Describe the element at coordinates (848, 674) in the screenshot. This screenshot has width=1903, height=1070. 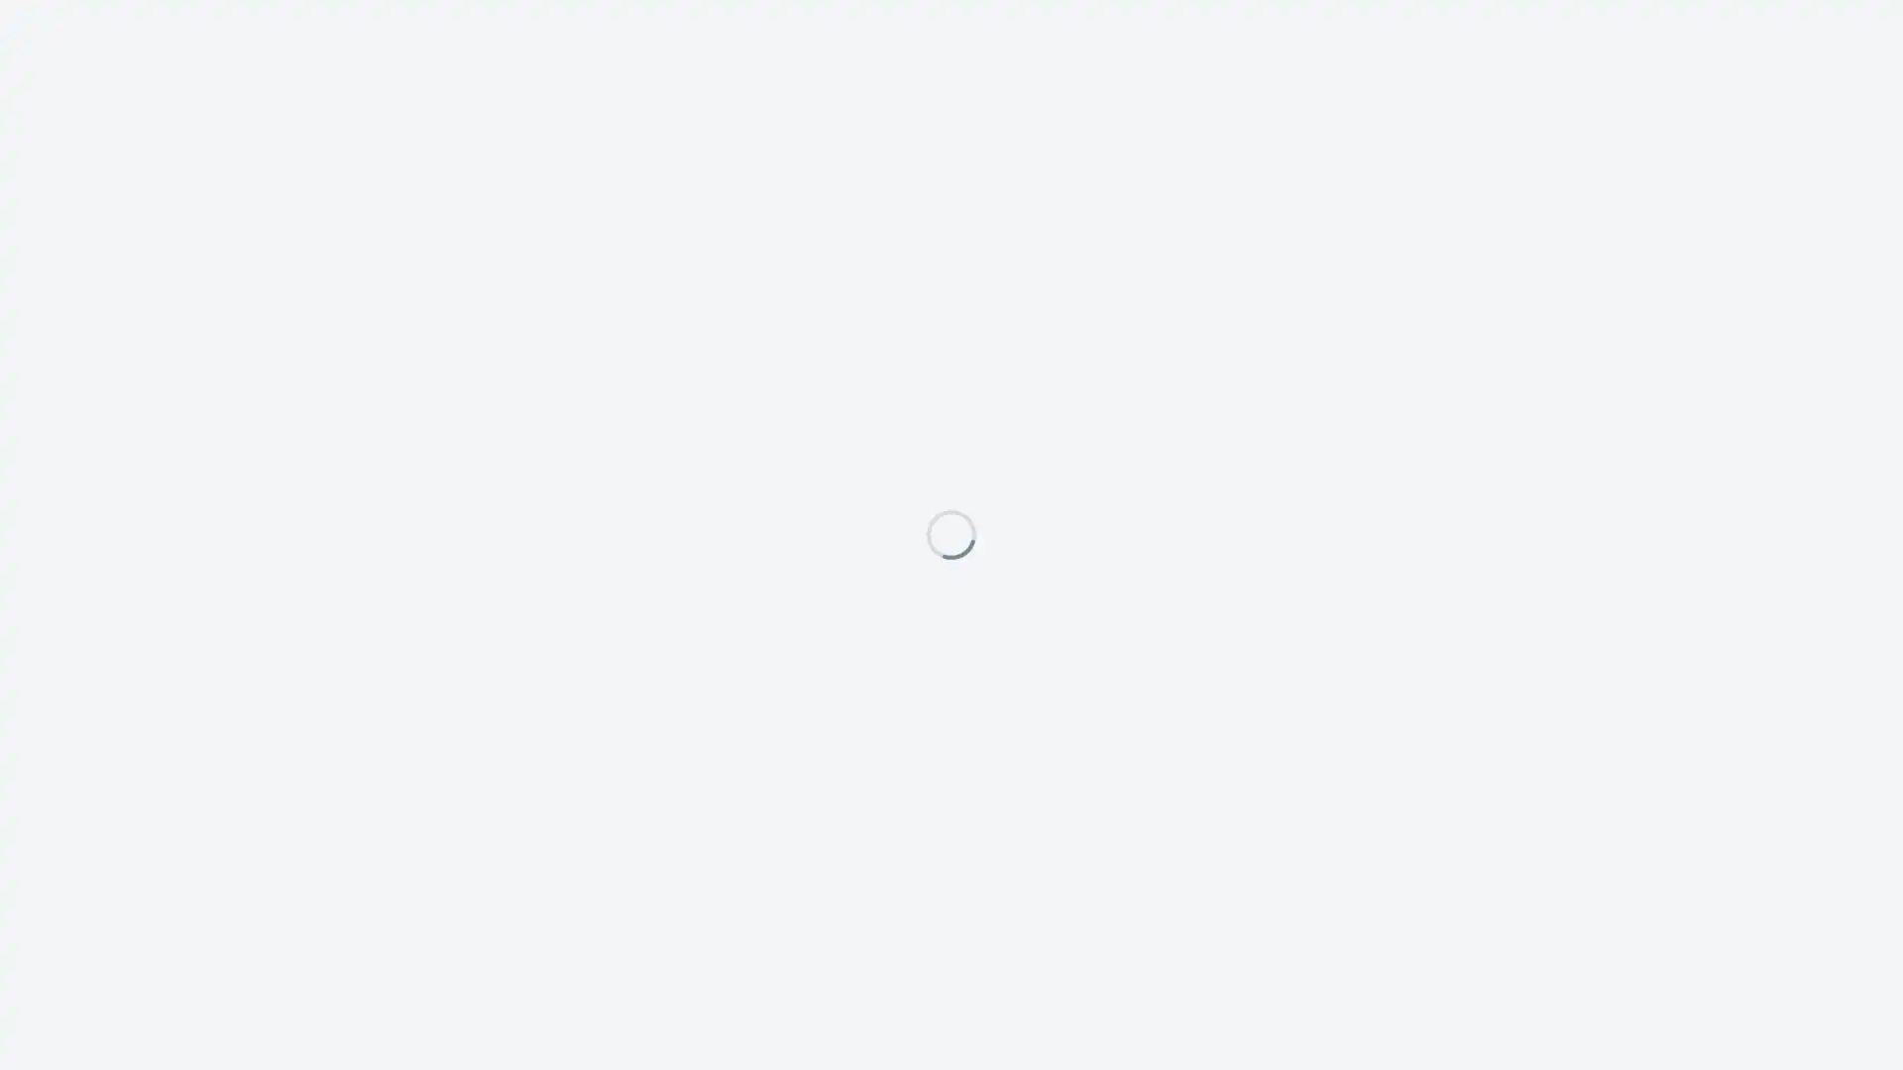
I see `Don't have an account? Register here` at that location.